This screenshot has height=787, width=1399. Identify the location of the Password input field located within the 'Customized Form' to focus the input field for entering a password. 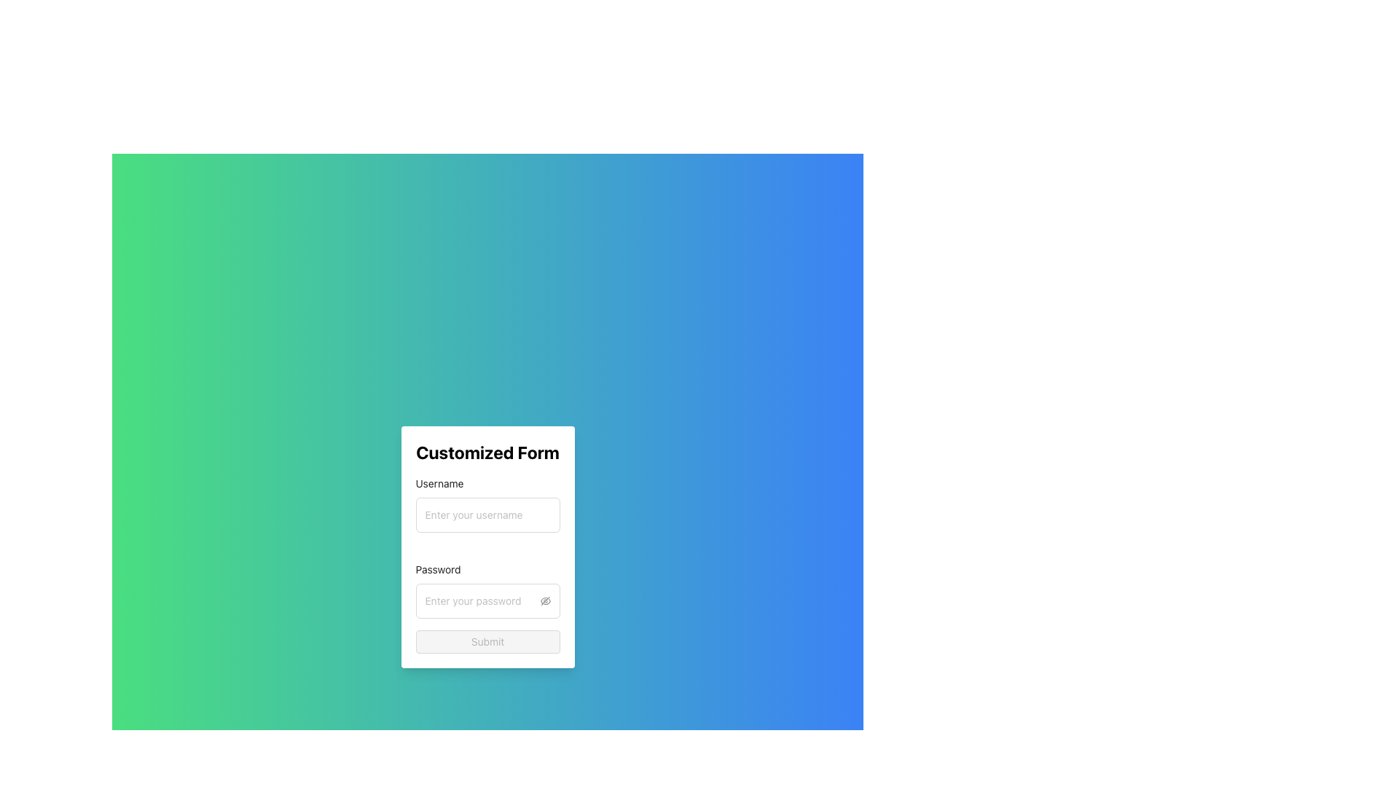
(487, 590).